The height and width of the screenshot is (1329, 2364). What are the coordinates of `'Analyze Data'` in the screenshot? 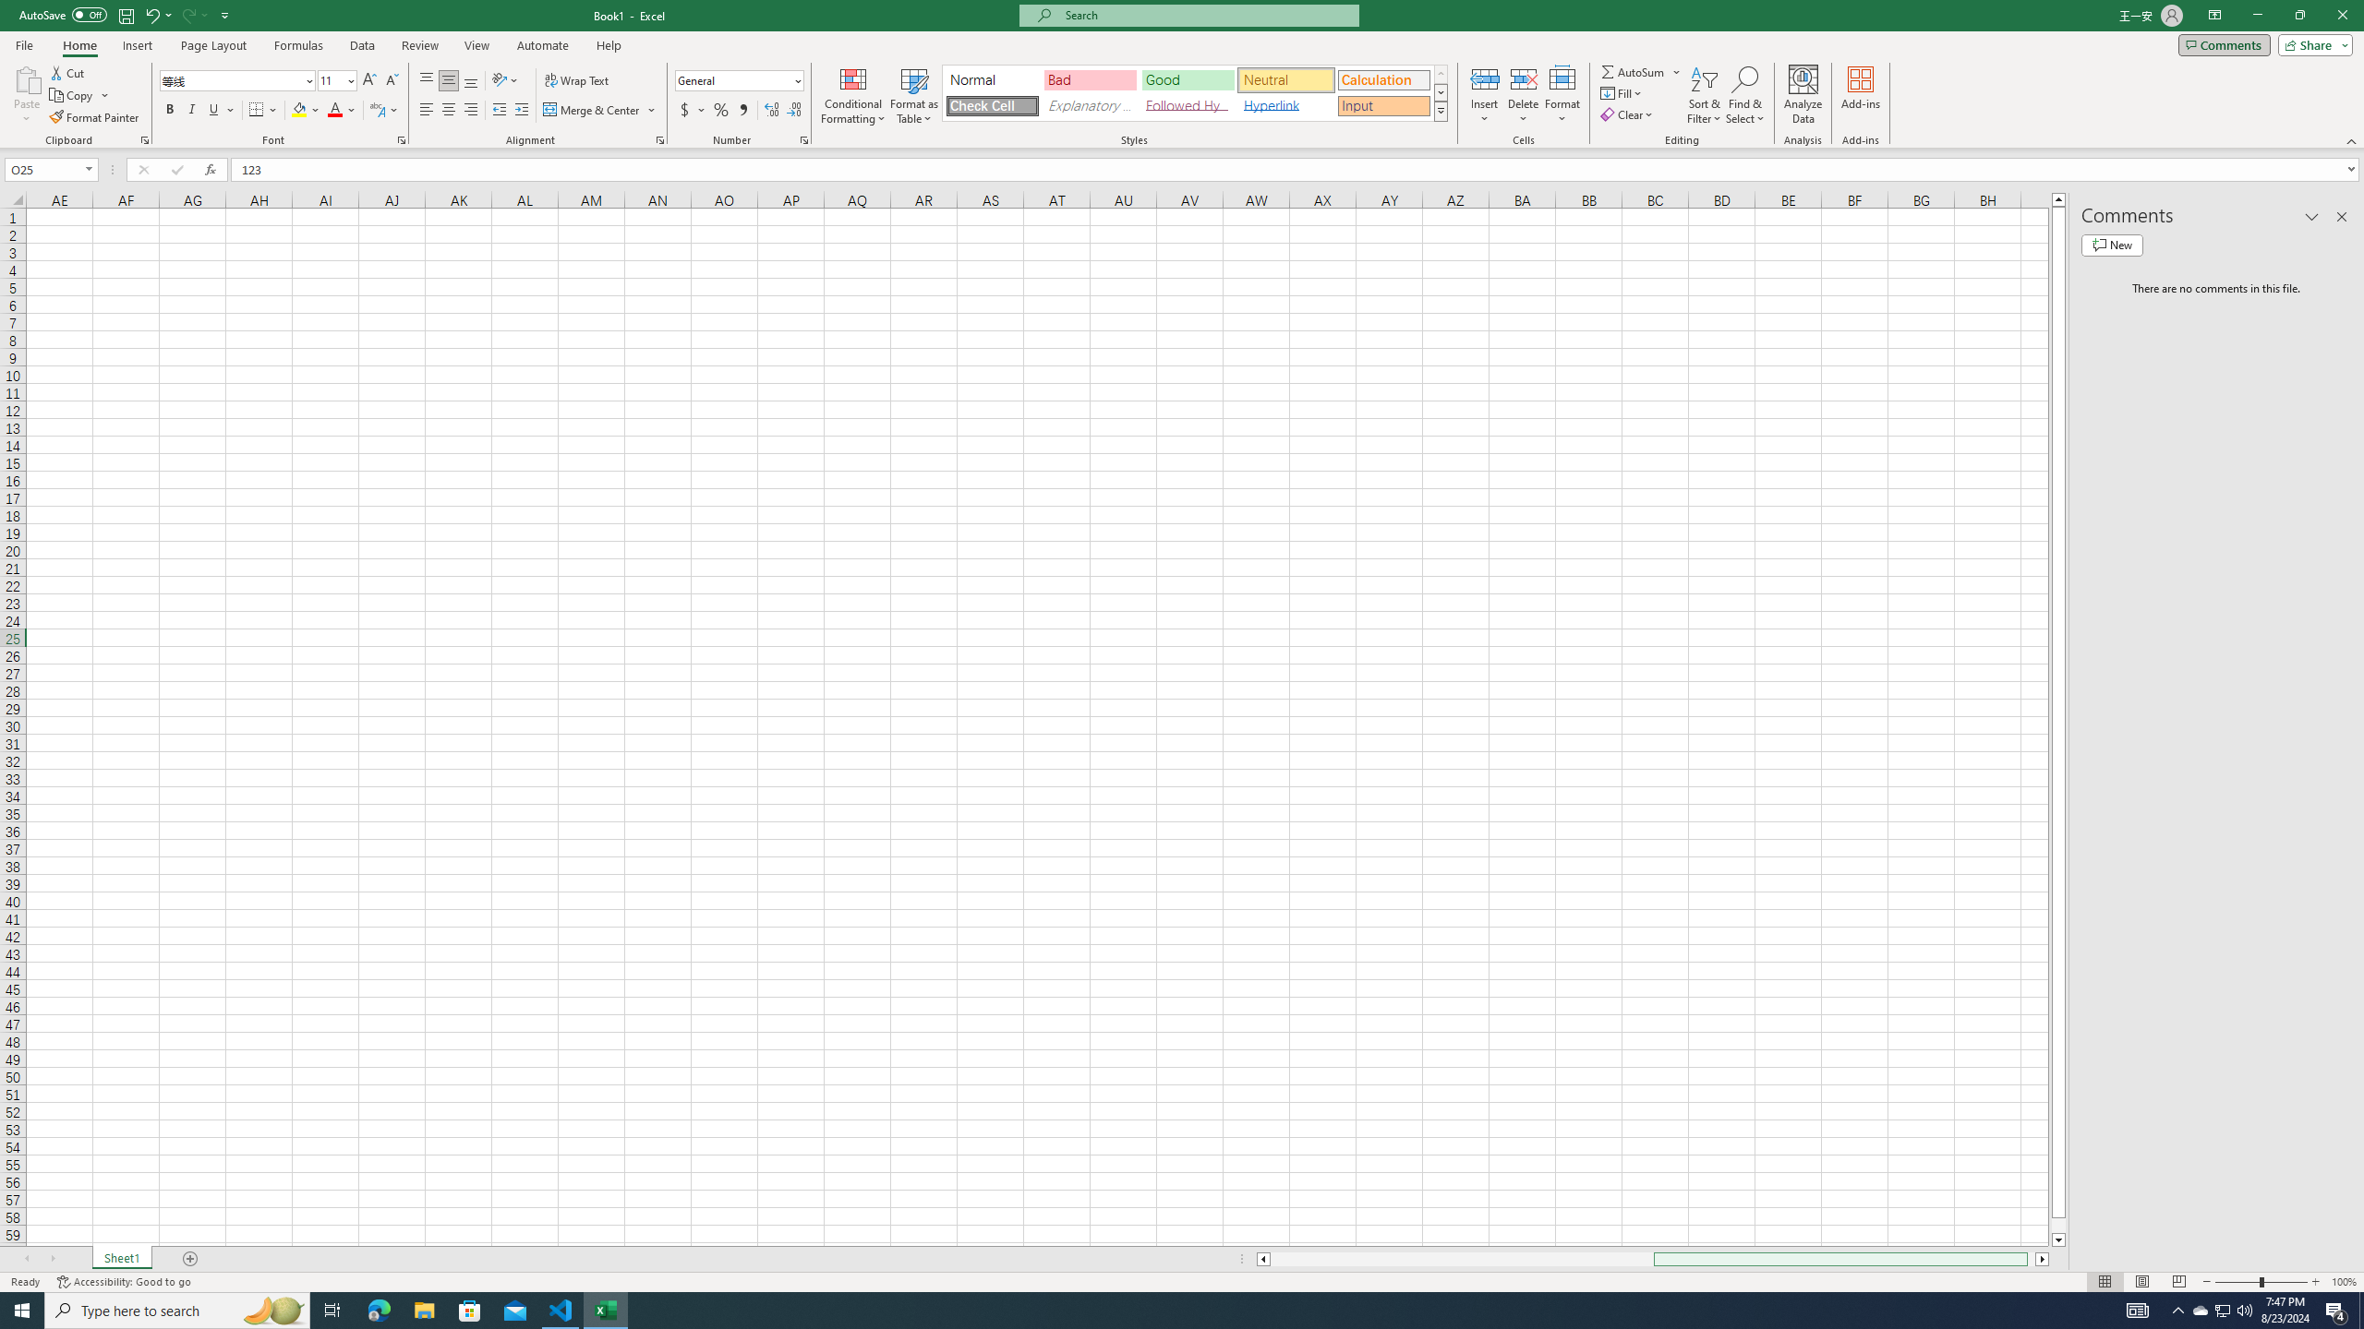 It's located at (1803, 95).